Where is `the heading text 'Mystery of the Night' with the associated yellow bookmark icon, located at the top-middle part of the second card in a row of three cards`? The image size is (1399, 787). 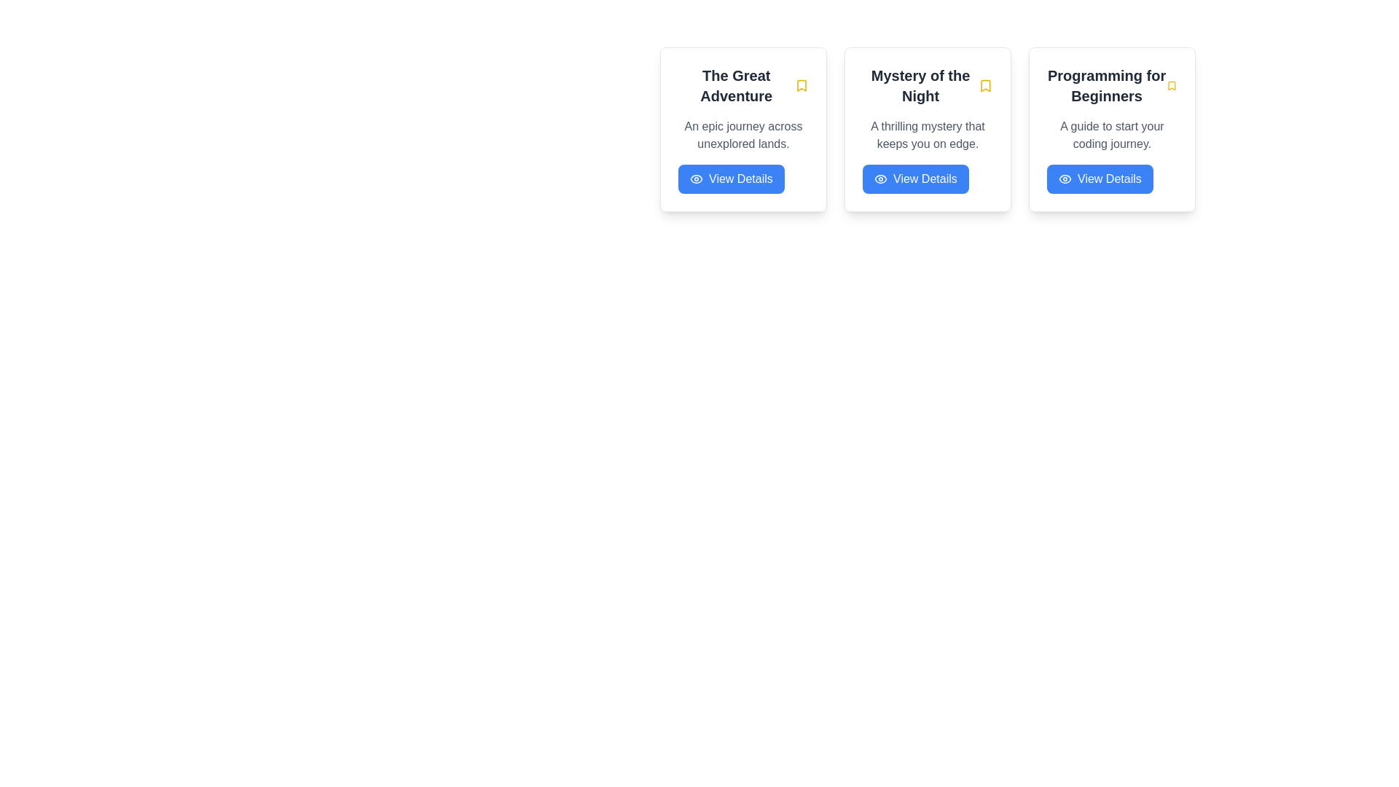
the heading text 'Mystery of the Night' with the associated yellow bookmark icon, located at the top-middle part of the second card in a row of three cards is located at coordinates (927, 86).